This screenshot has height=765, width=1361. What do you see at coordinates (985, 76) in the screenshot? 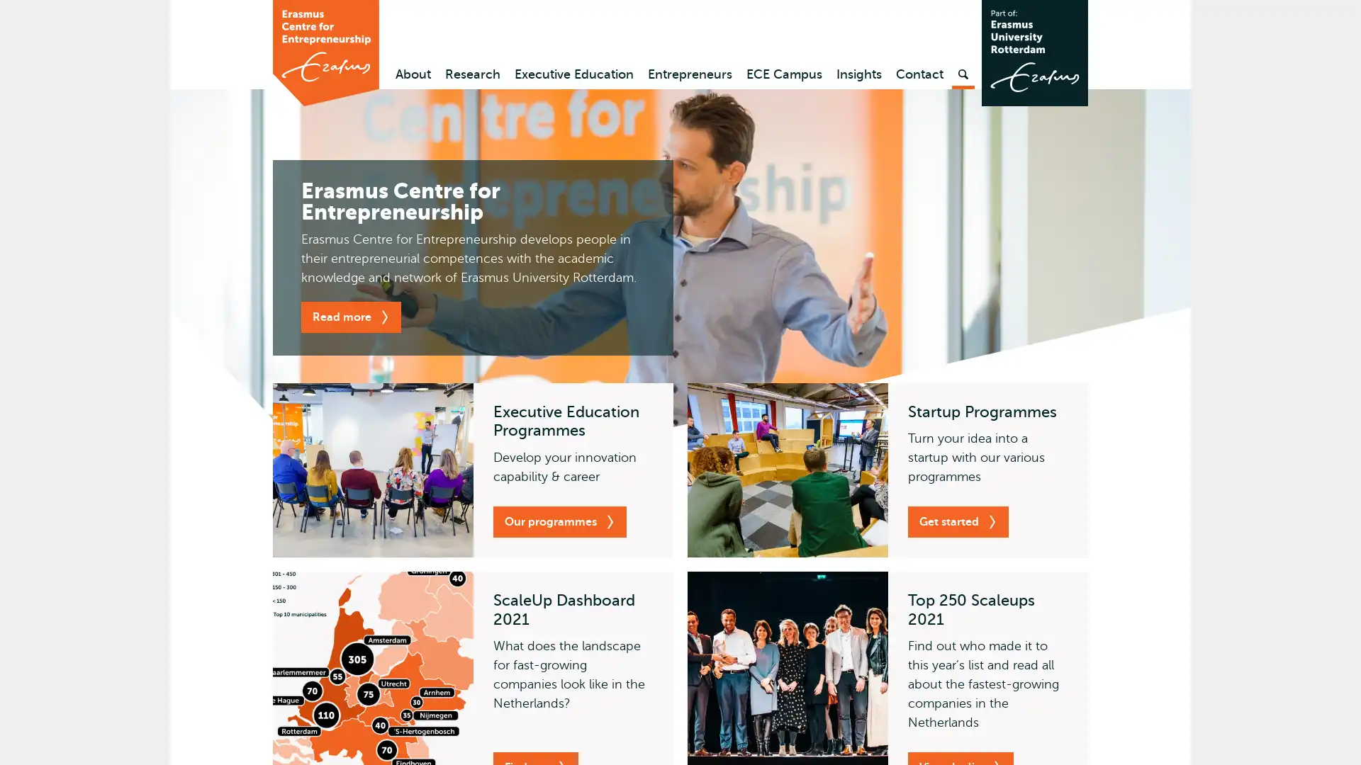
I see `Search` at bounding box center [985, 76].